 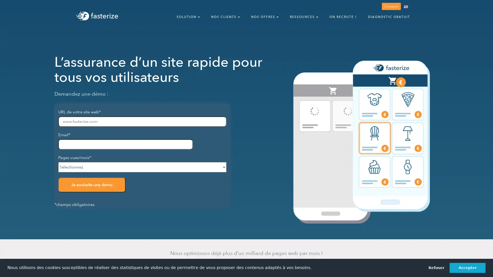 I want to click on Fermer, so click(x=484, y=7).